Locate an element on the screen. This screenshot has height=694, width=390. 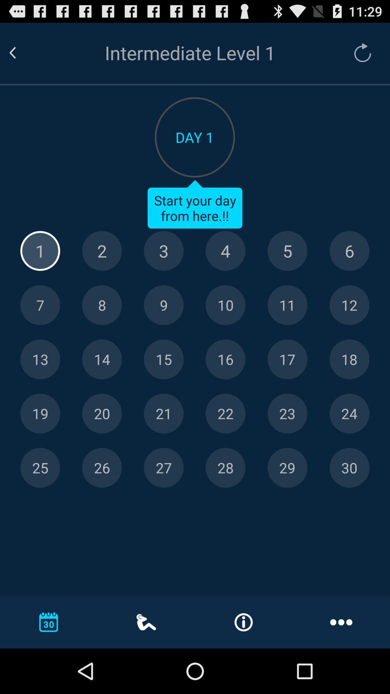
day is located at coordinates (40, 414).